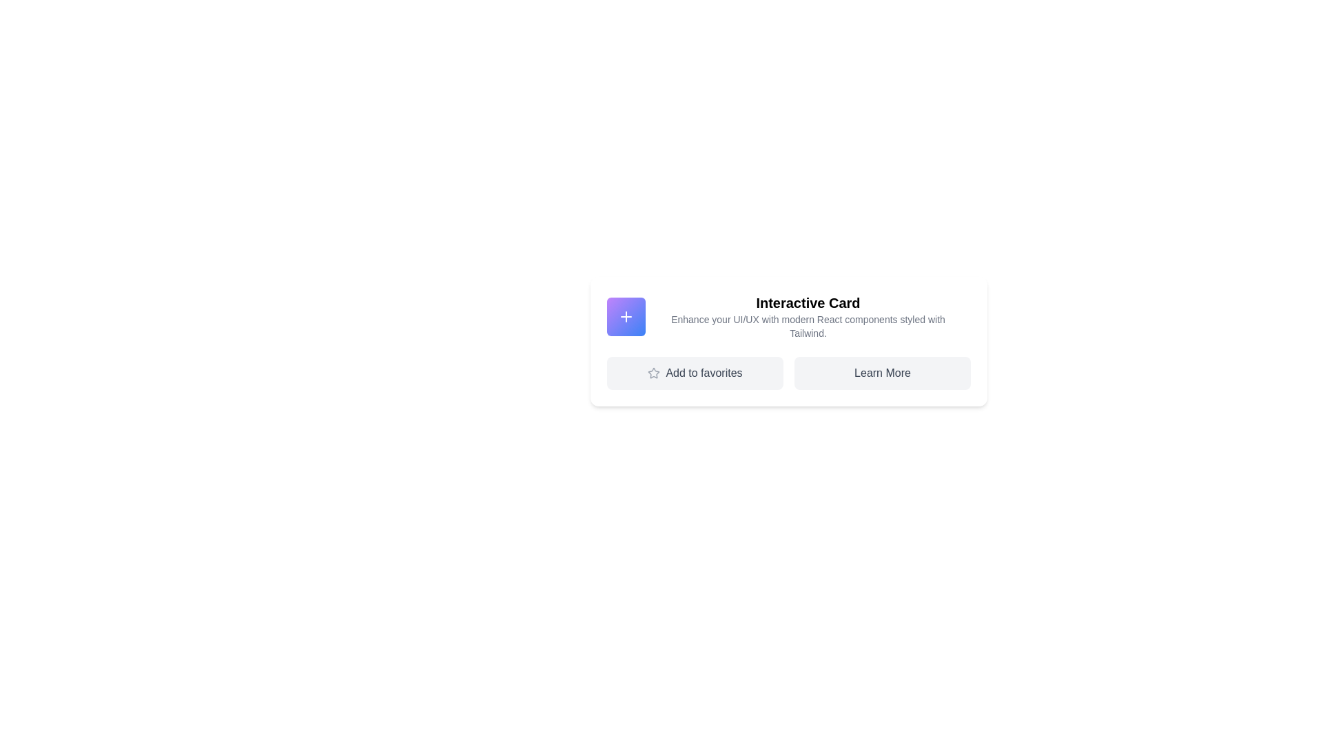 The height and width of the screenshot is (744, 1323). Describe the element at coordinates (653, 373) in the screenshot. I see `the star-shaped icon with gray edges that is positioned immediately to the left of the 'Add to favorites' text, forming part of the button at the bottom-left of the card interface` at that location.